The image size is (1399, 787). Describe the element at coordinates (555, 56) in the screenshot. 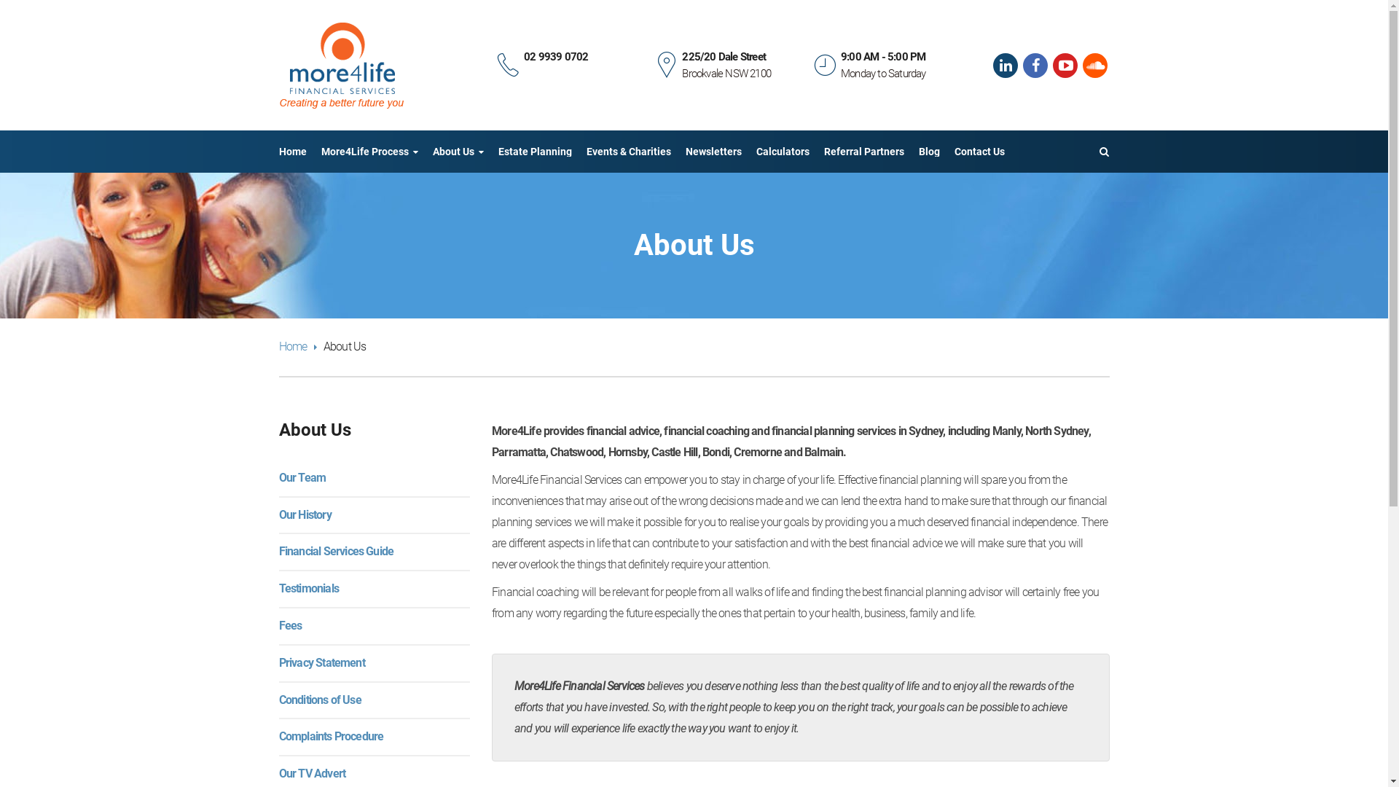

I see `'02 9939 0702'` at that location.